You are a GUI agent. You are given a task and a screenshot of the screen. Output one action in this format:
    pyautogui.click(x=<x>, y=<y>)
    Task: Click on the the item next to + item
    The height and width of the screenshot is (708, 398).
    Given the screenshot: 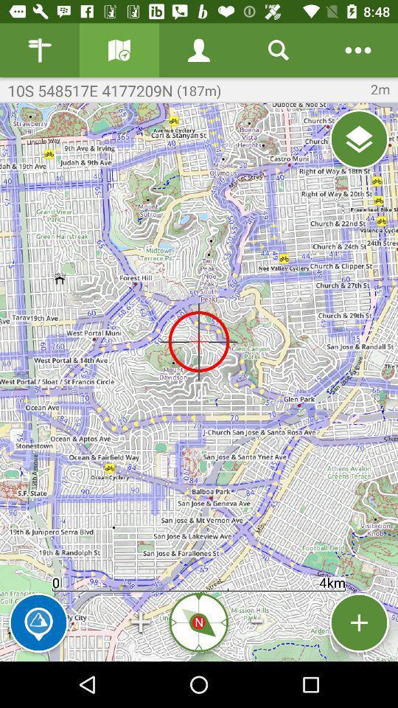 What is the action you would take?
    pyautogui.click(x=38, y=622)
    